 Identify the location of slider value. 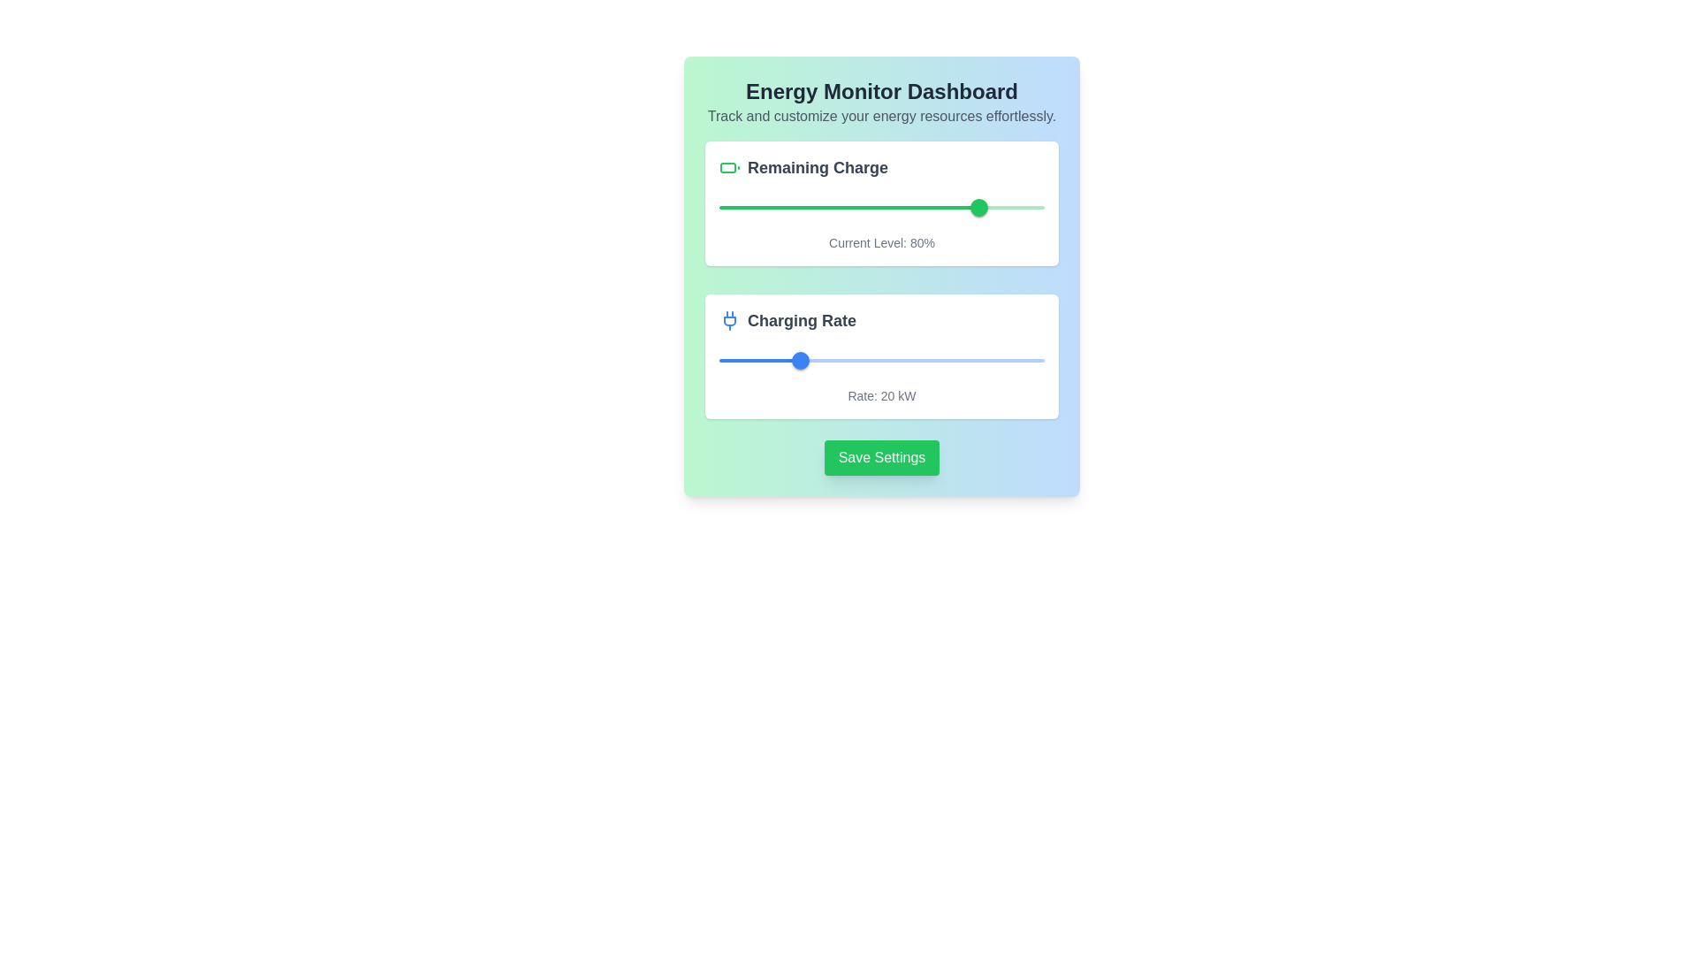
(774, 207).